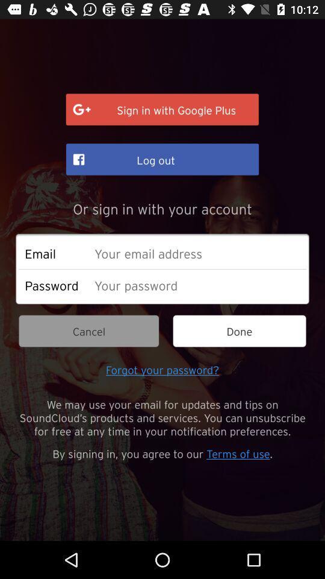 This screenshot has height=579, width=325. Describe the element at coordinates (197, 285) in the screenshot. I see `a strong password is long and complex` at that location.